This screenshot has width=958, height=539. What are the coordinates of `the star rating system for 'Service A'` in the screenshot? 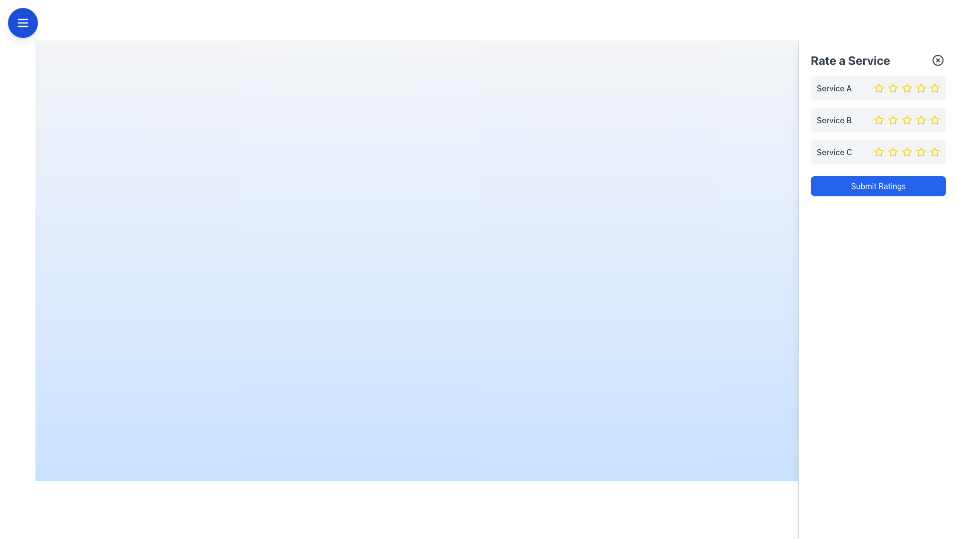 It's located at (878, 88).